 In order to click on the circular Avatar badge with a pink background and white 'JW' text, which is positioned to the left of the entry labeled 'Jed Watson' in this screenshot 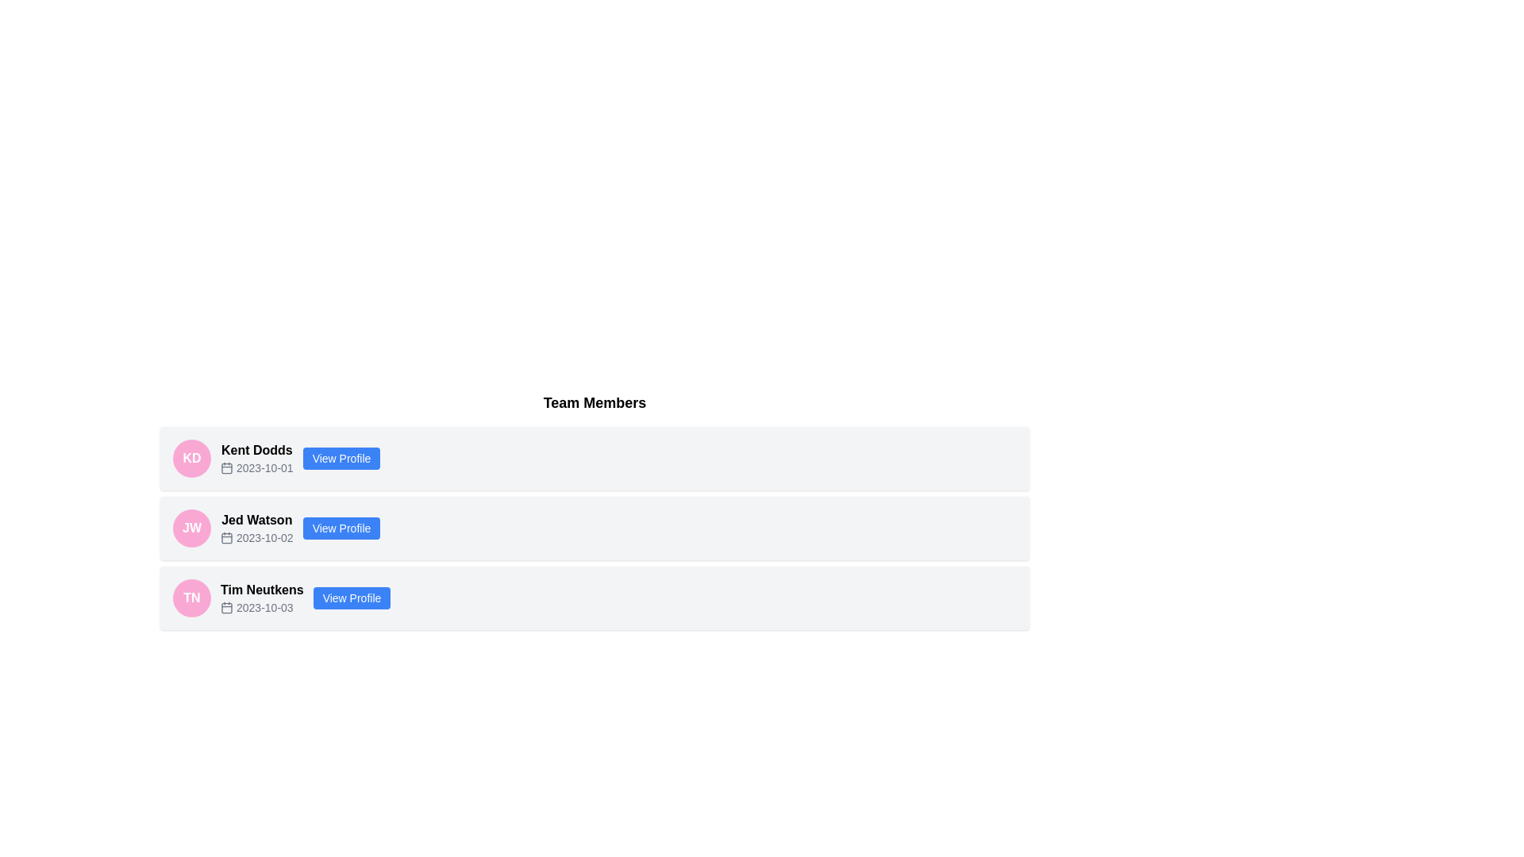, I will do `click(190, 528)`.